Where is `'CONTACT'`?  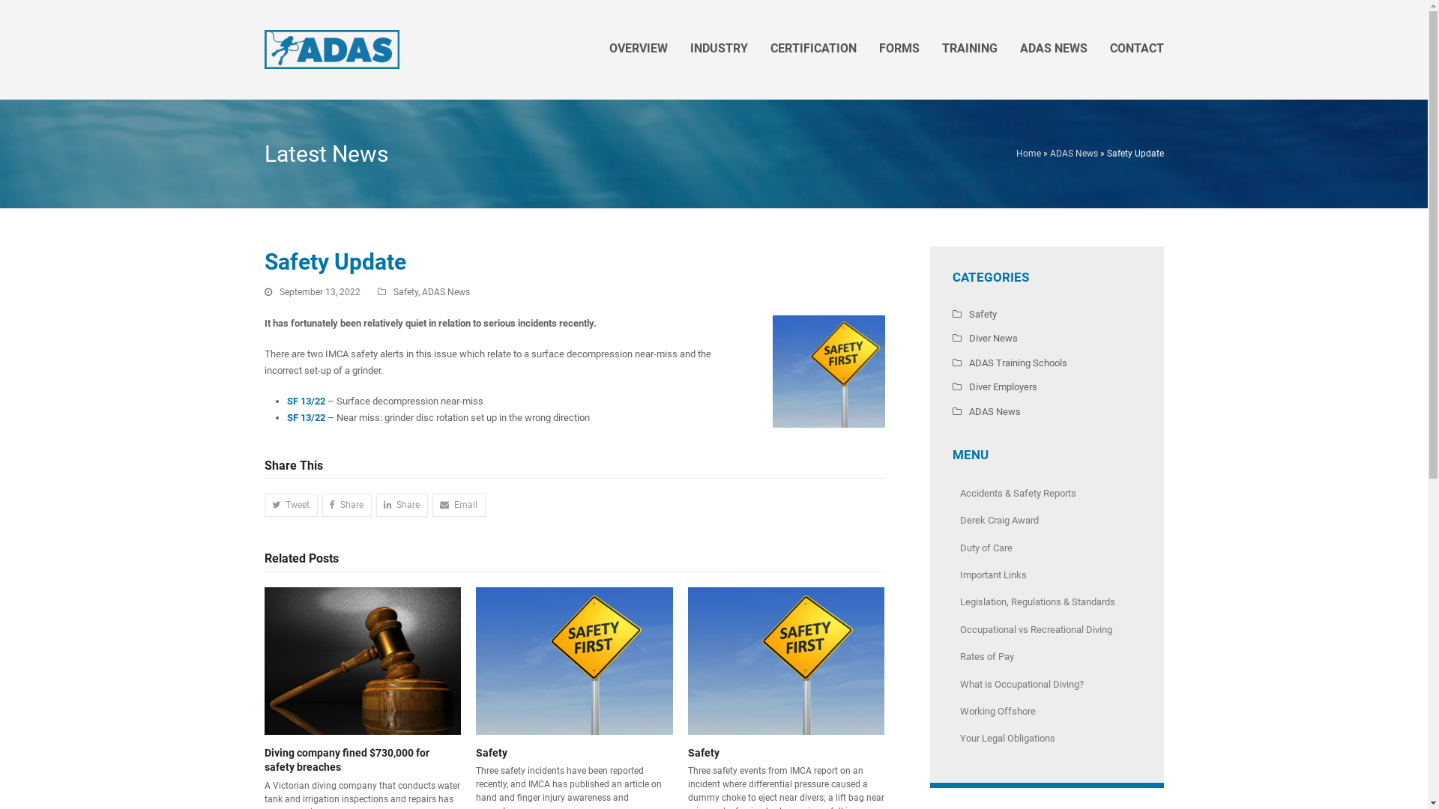 'CONTACT' is located at coordinates (1098, 48).